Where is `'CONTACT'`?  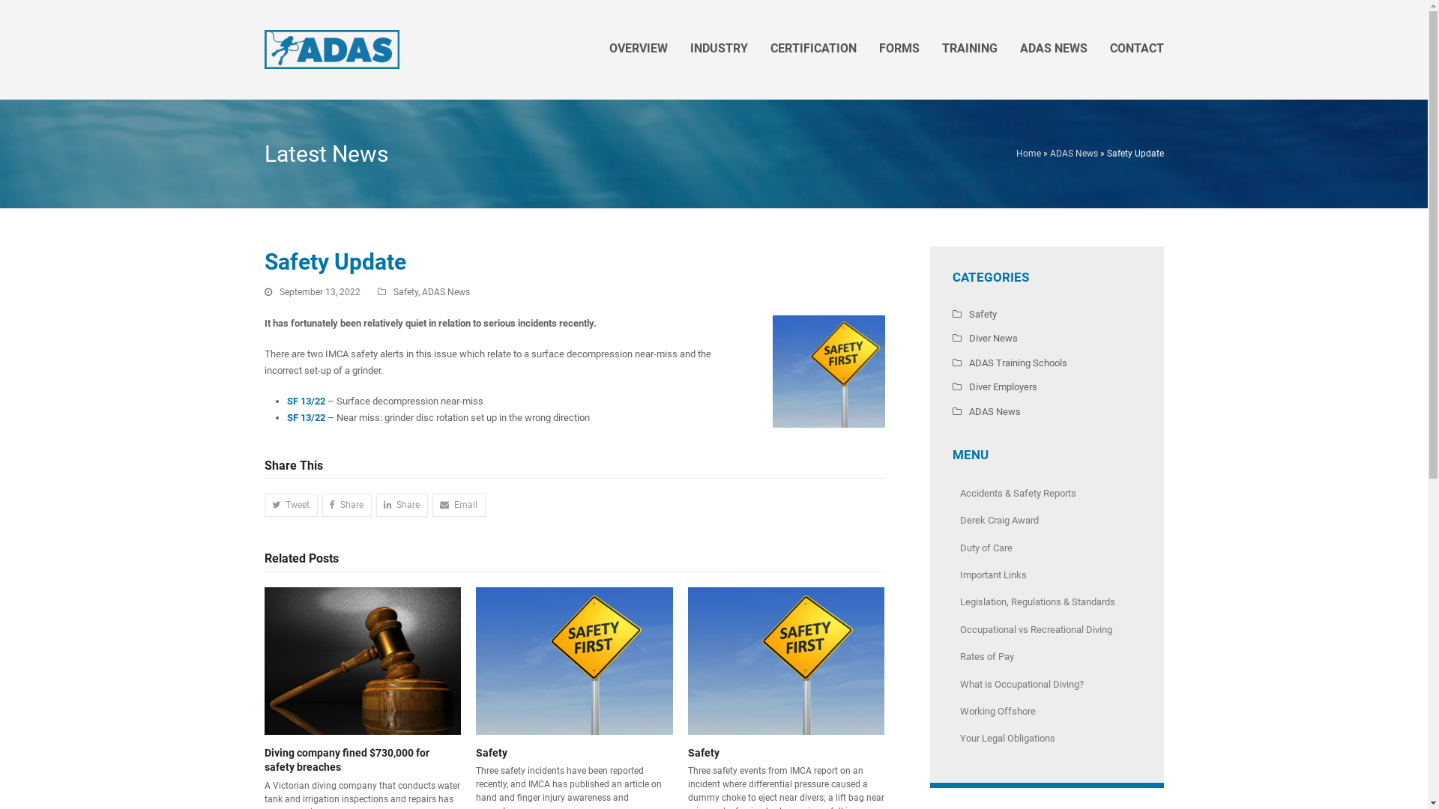 'CONTACT' is located at coordinates (1098, 48).